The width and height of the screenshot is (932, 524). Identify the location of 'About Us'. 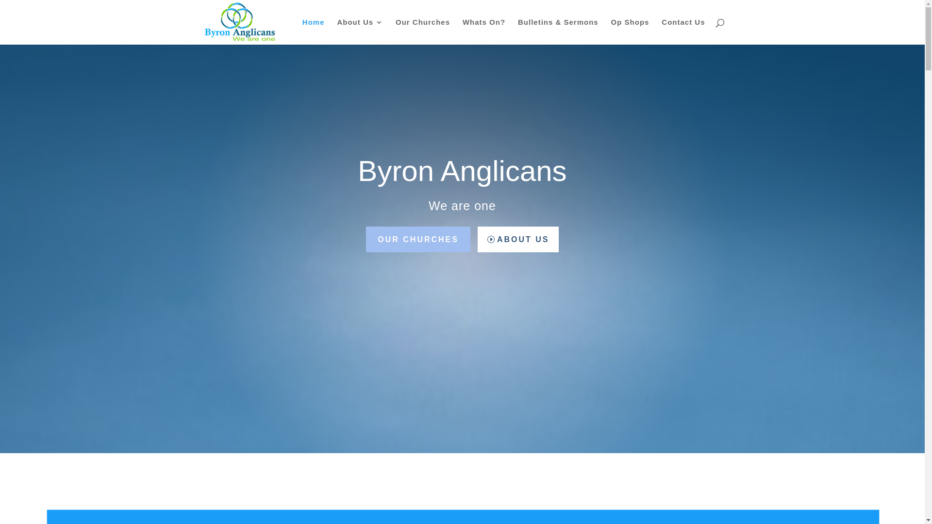
(359, 31).